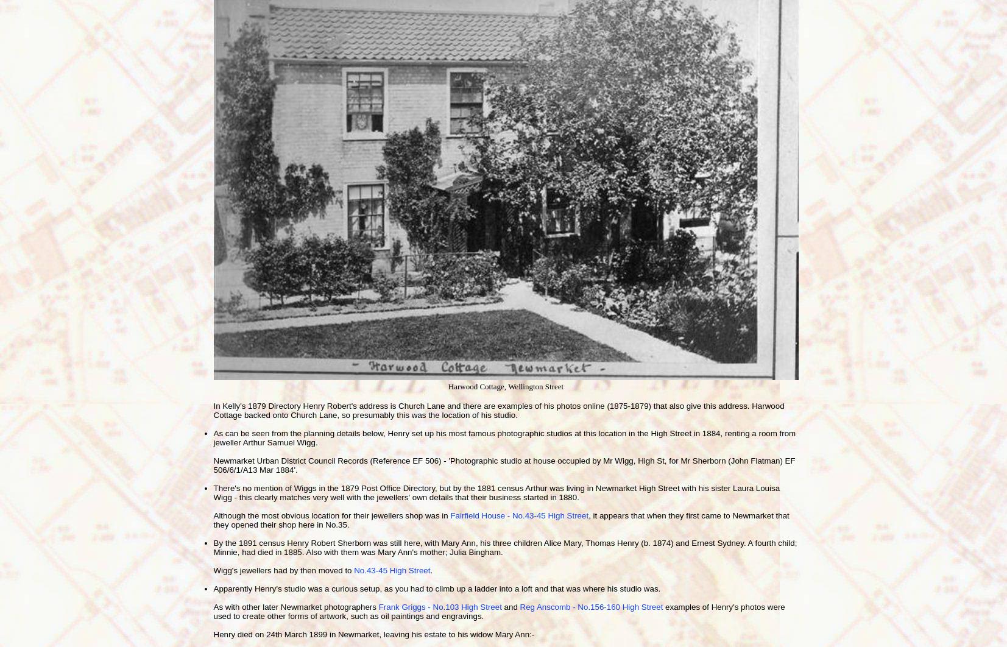 Image resolution: width=1007 pixels, height=647 pixels. Describe the element at coordinates (505, 386) in the screenshot. I see `'Harwood Cottage, Wellington 
                    Street'` at that location.